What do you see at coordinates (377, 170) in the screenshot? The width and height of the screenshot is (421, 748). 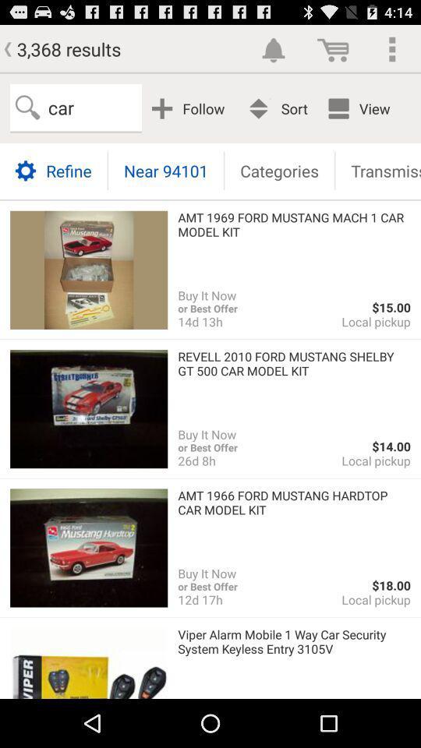 I see `transmission icon` at bounding box center [377, 170].